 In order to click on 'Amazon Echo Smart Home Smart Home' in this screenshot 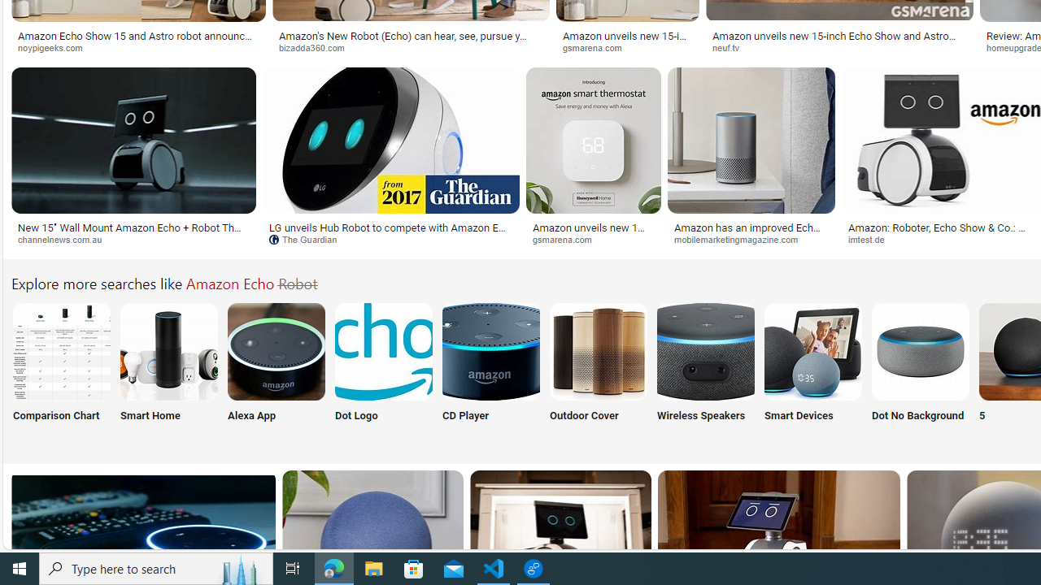, I will do `click(169, 372)`.